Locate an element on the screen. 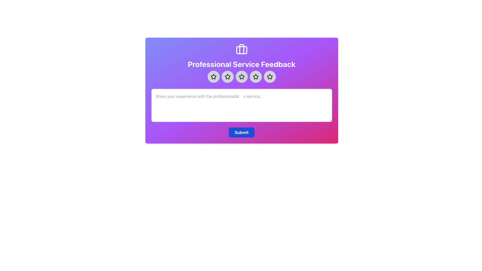  the fourth star icon in the feedback section is located at coordinates (256, 77).